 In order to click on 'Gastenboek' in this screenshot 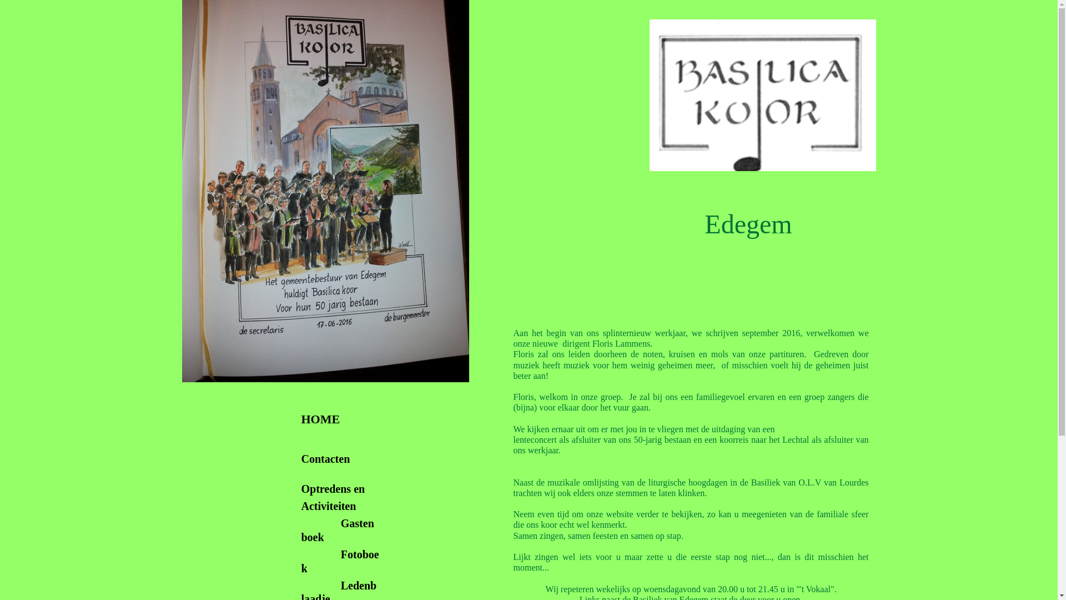, I will do `click(301, 531)`.